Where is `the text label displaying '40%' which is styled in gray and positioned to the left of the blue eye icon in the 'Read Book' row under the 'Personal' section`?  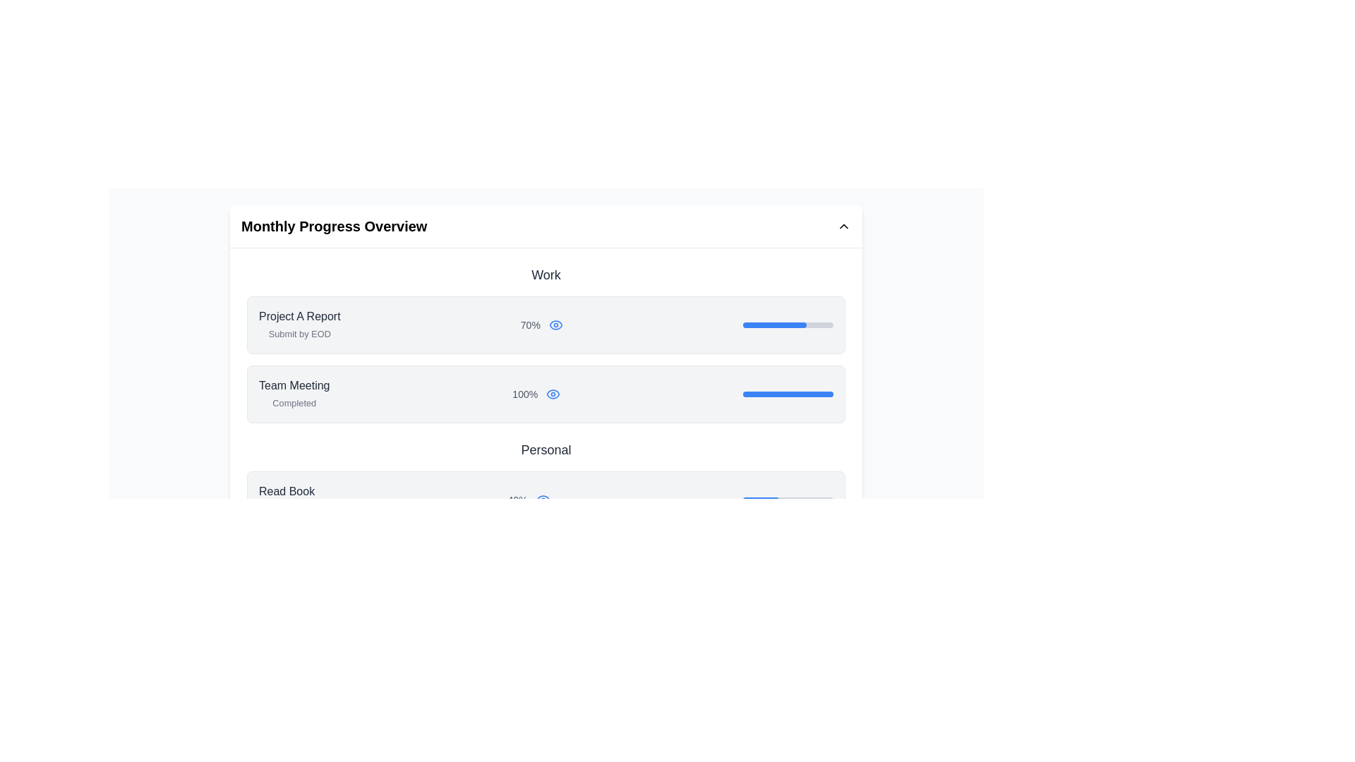
the text label displaying '40%' which is styled in gray and positioned to the left of the blue eye icon in the 'Read Book' row under the 'Personal' section is located at coordinates (517, 500).